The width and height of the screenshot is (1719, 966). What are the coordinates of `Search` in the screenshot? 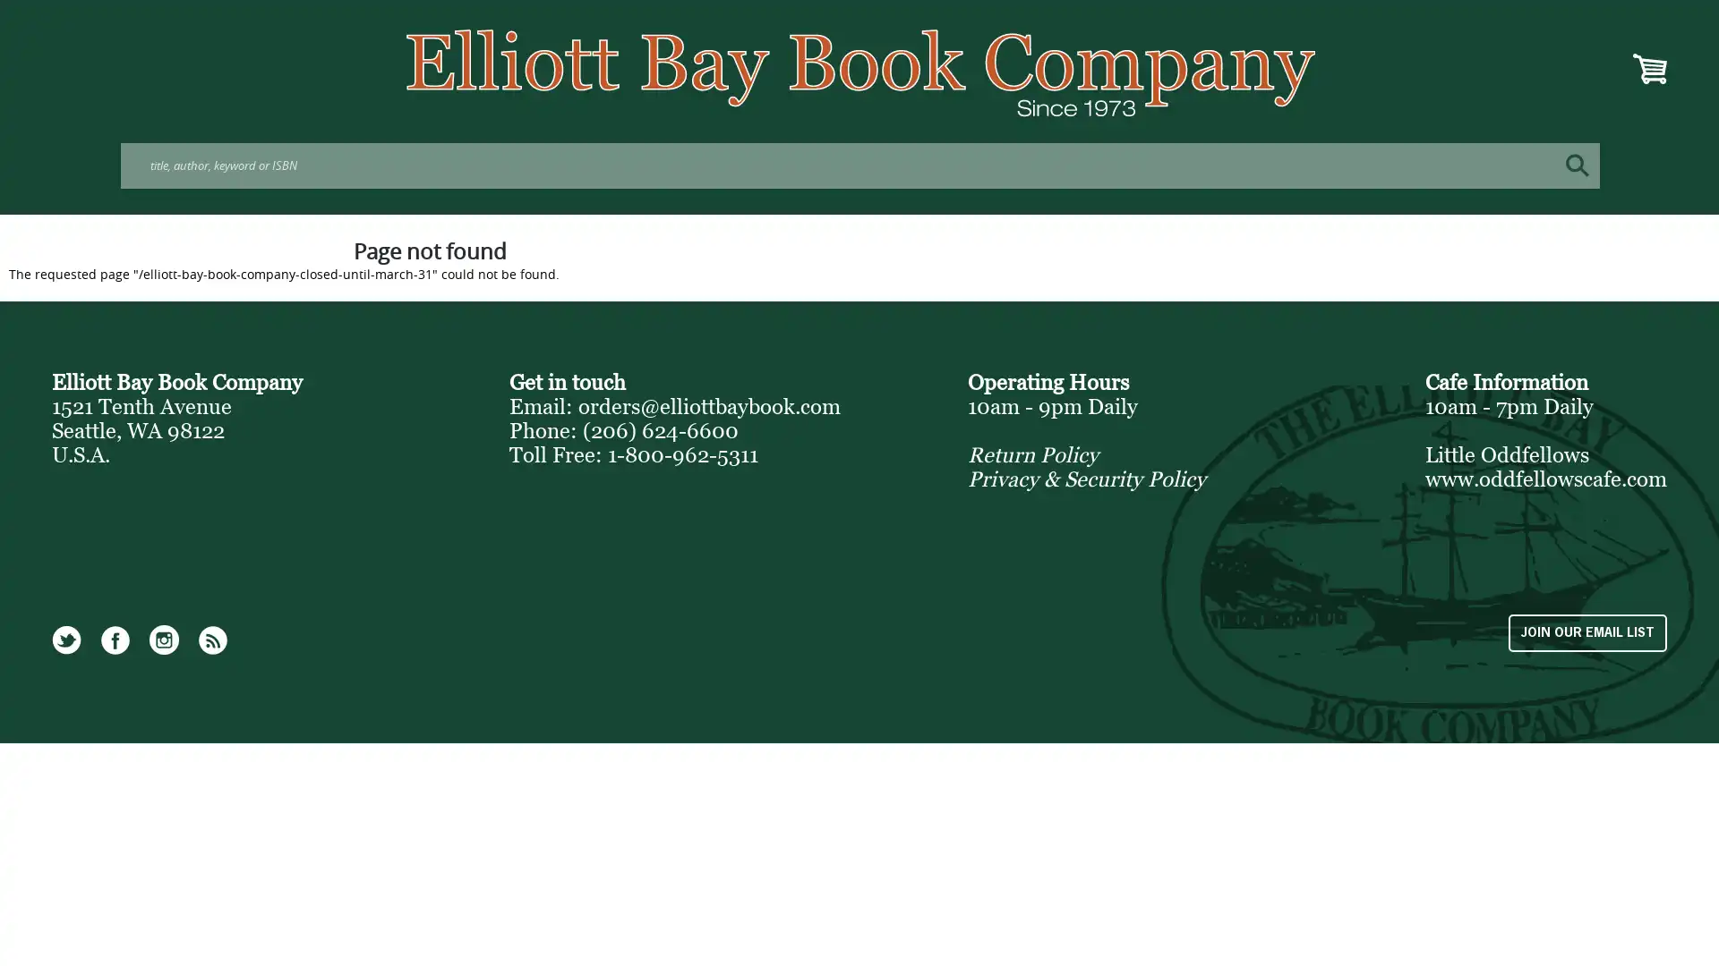 It's located at (1580, 165).